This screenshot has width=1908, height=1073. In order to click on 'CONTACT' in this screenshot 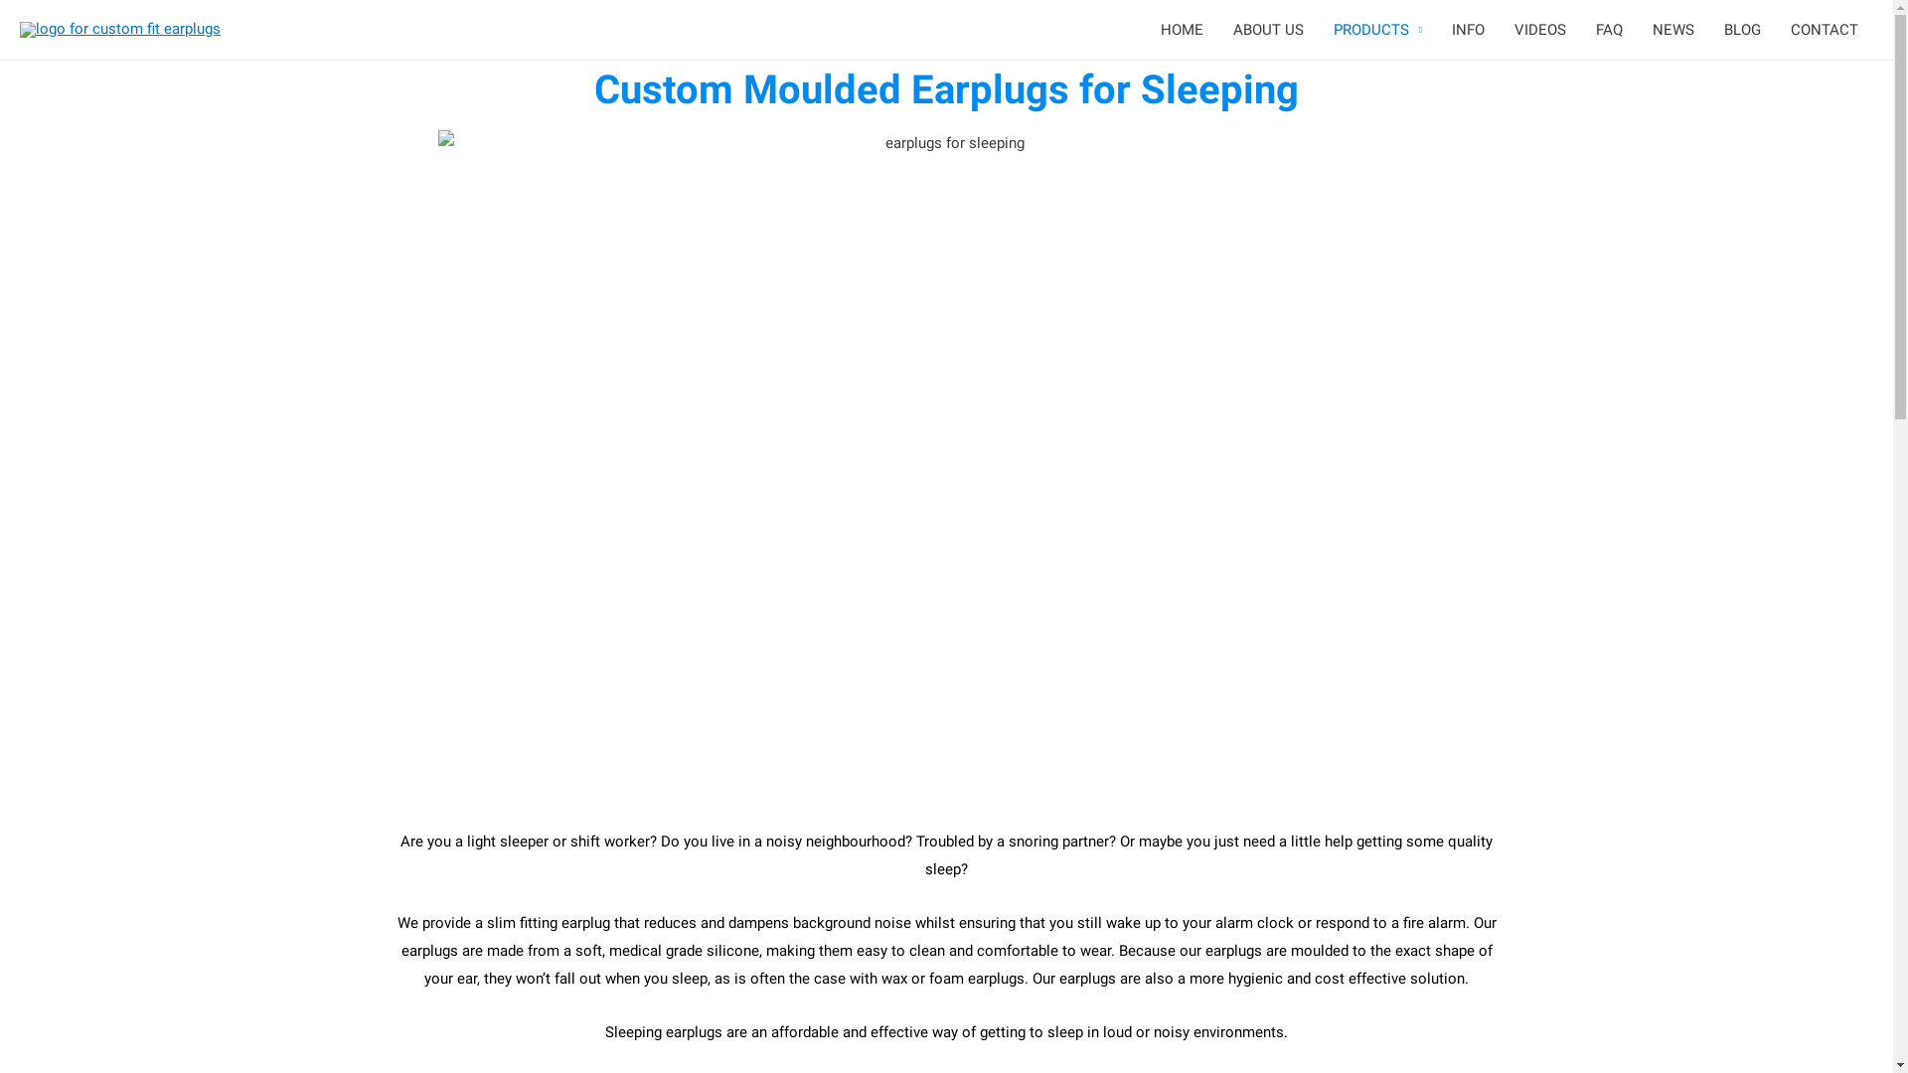, I will do `click(1825, 30)`.